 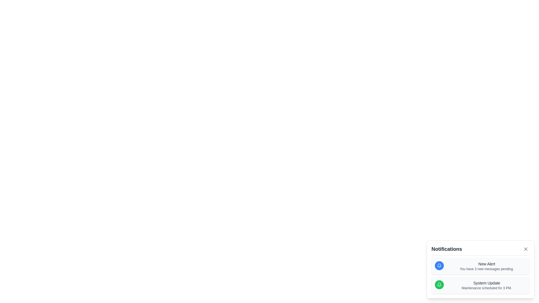 I want to click on title of the notification entry located in the bottom-right corner of the notification panel, which serves as a brief summary of the notification's purpose, so click(x=486, y=283).